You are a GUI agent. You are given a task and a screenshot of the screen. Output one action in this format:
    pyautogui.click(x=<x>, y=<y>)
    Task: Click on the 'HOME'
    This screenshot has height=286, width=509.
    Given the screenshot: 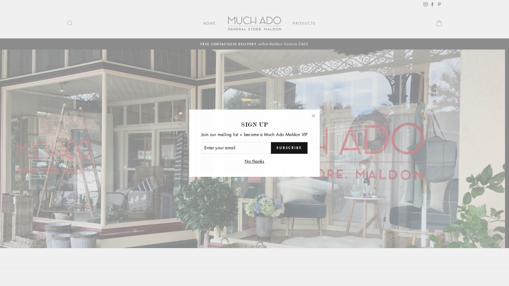 What is the action you would take?
    pyautogui.click(x=207, y=23)
    